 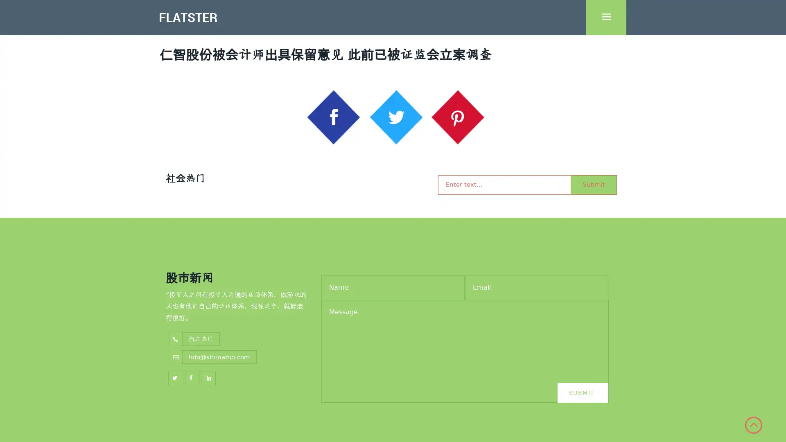 I want to click on Submit, so click(x=590, y=185).